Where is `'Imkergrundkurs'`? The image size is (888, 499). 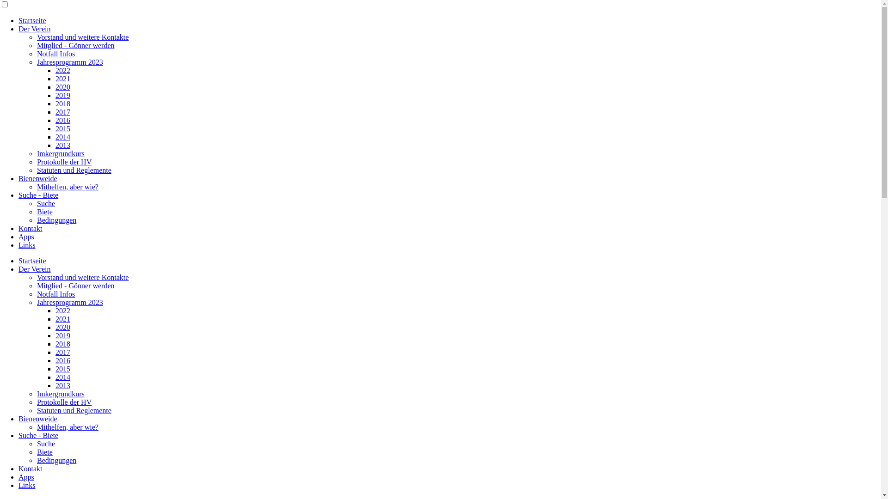
'Imkergrundkurs' is located at coordinates (37, 394).